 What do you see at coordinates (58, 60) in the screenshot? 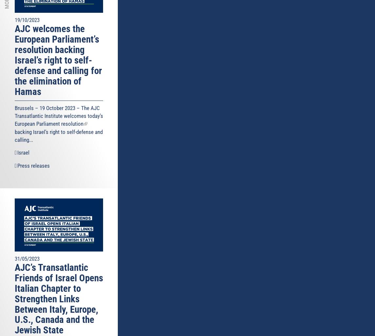
I see `'AJC welcomes the European Parliament’s resolution backing Israel’s right to self-defense and calling for the elimination of Hamas'` at bounding box center [58, 60].